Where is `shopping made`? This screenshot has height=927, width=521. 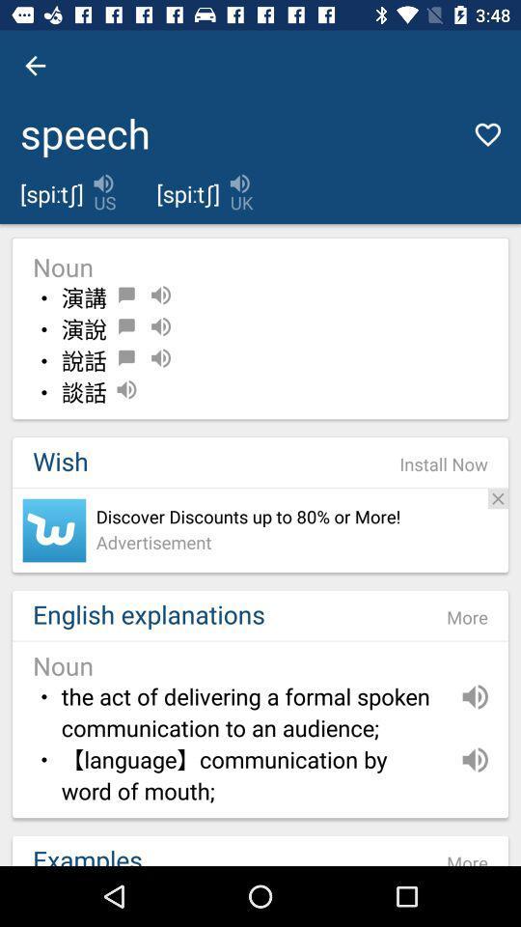 shopping made is located at coordinates (54, 530).